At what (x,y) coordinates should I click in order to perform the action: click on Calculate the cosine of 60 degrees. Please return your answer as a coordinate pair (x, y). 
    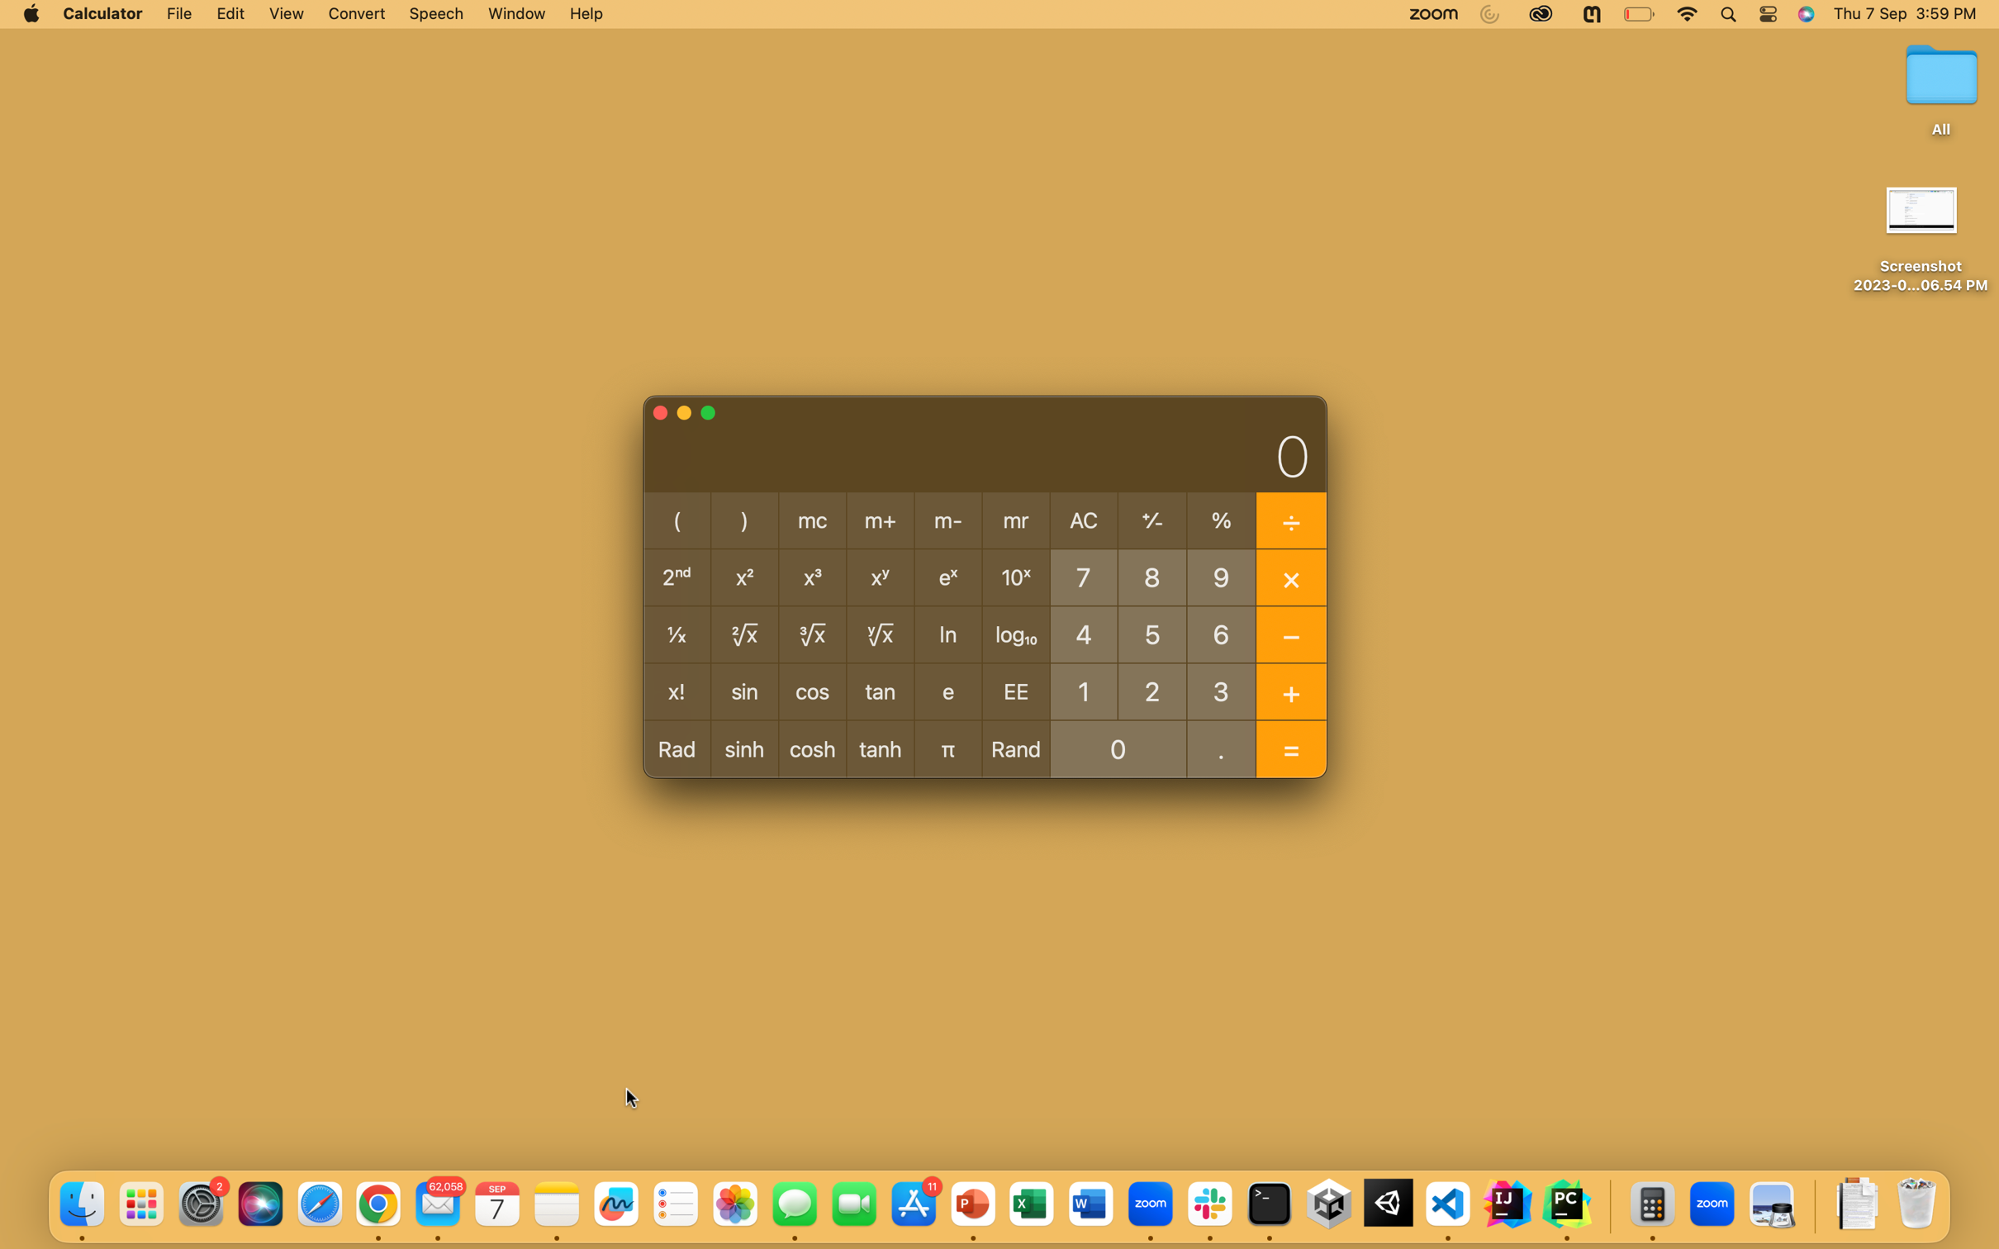
    Looking at the image, I should click on (1220, 634).